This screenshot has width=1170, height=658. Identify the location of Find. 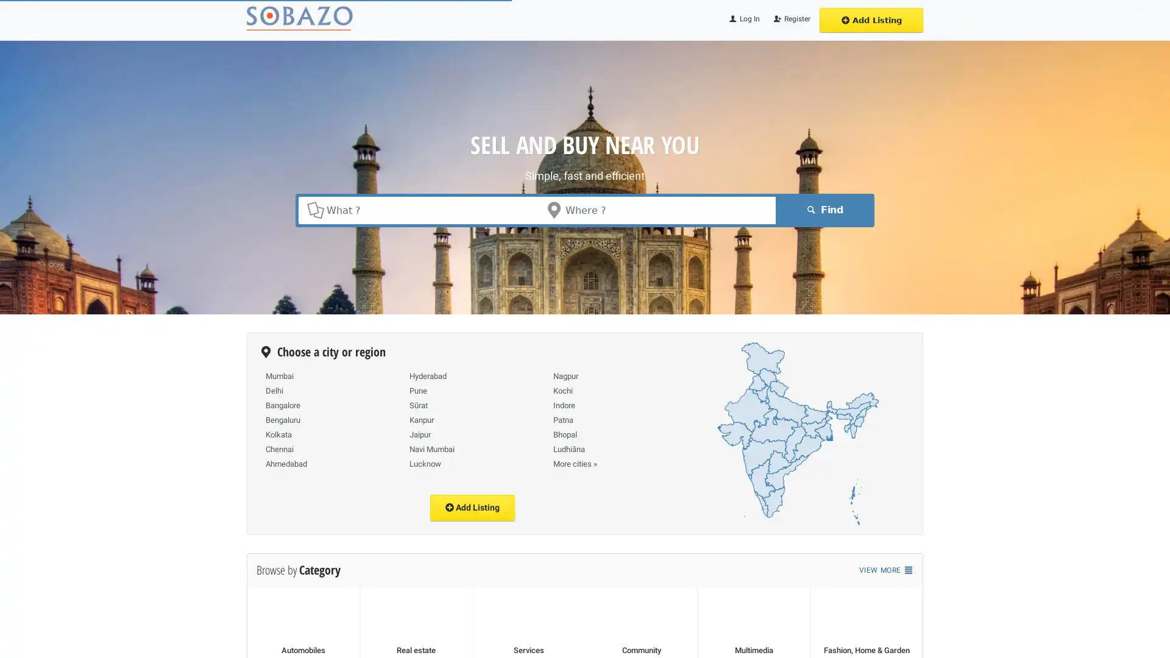
(823, 209).